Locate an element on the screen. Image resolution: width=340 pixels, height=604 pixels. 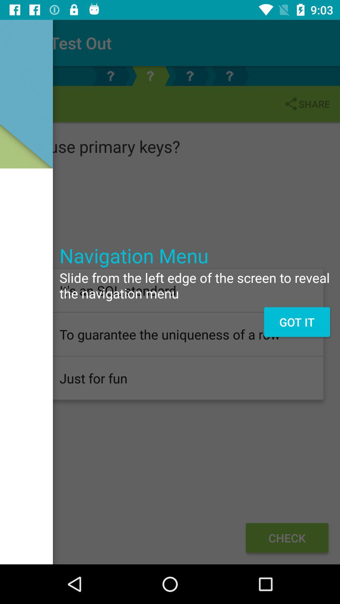
the icon below slide from the is located at coordinates (297, 322).